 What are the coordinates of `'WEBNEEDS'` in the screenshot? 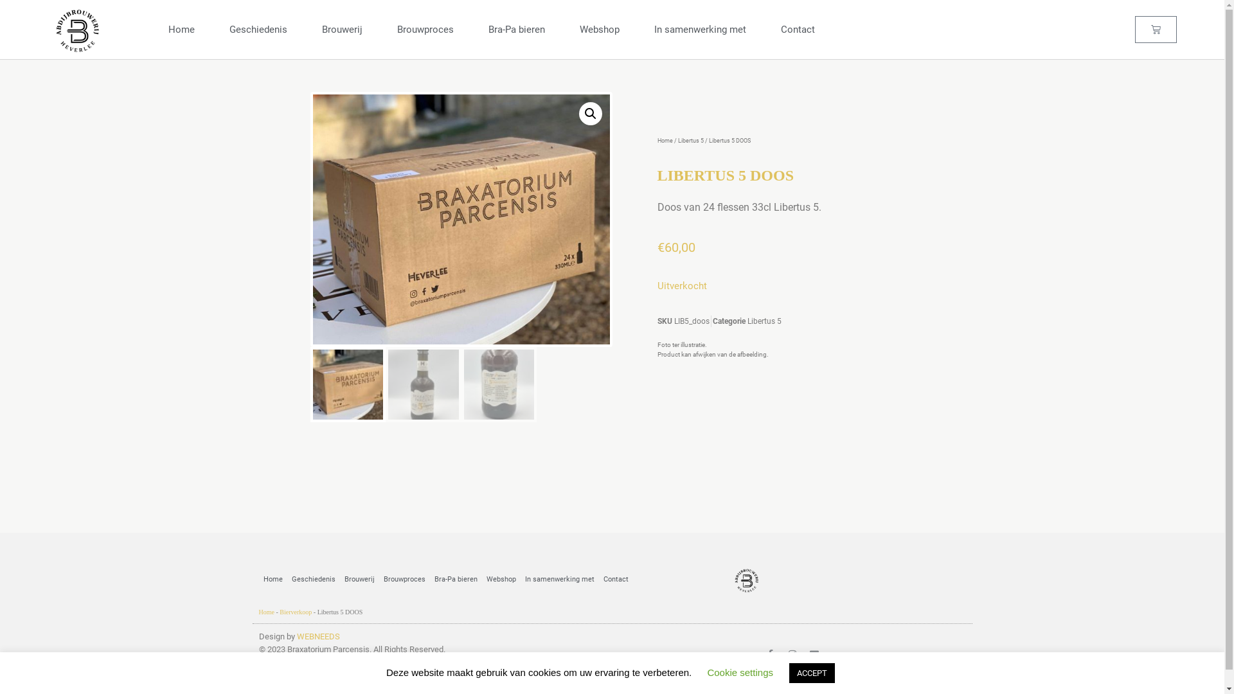 It's located at (318, 636).